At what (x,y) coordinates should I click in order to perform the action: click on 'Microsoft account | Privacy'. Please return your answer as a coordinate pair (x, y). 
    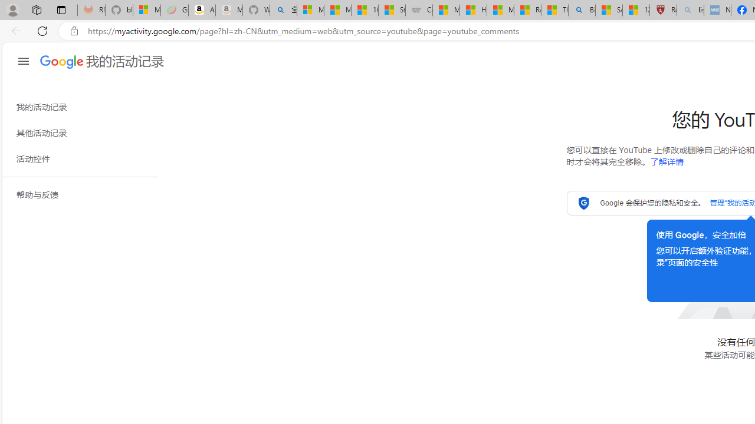
    Looking at the image, I should click on (310, 10).